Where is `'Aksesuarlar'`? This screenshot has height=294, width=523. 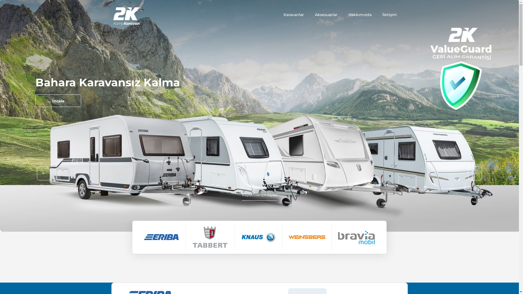
'Aksesuarlar' is located at coordinates (315, 14).